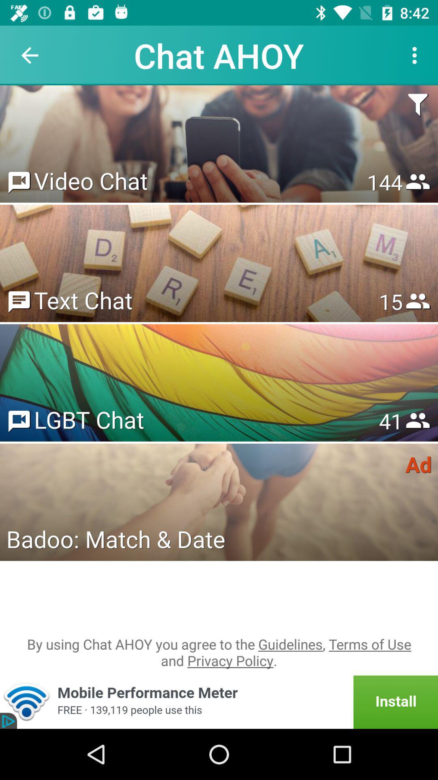  I want to click on 15, so click(390, 301).